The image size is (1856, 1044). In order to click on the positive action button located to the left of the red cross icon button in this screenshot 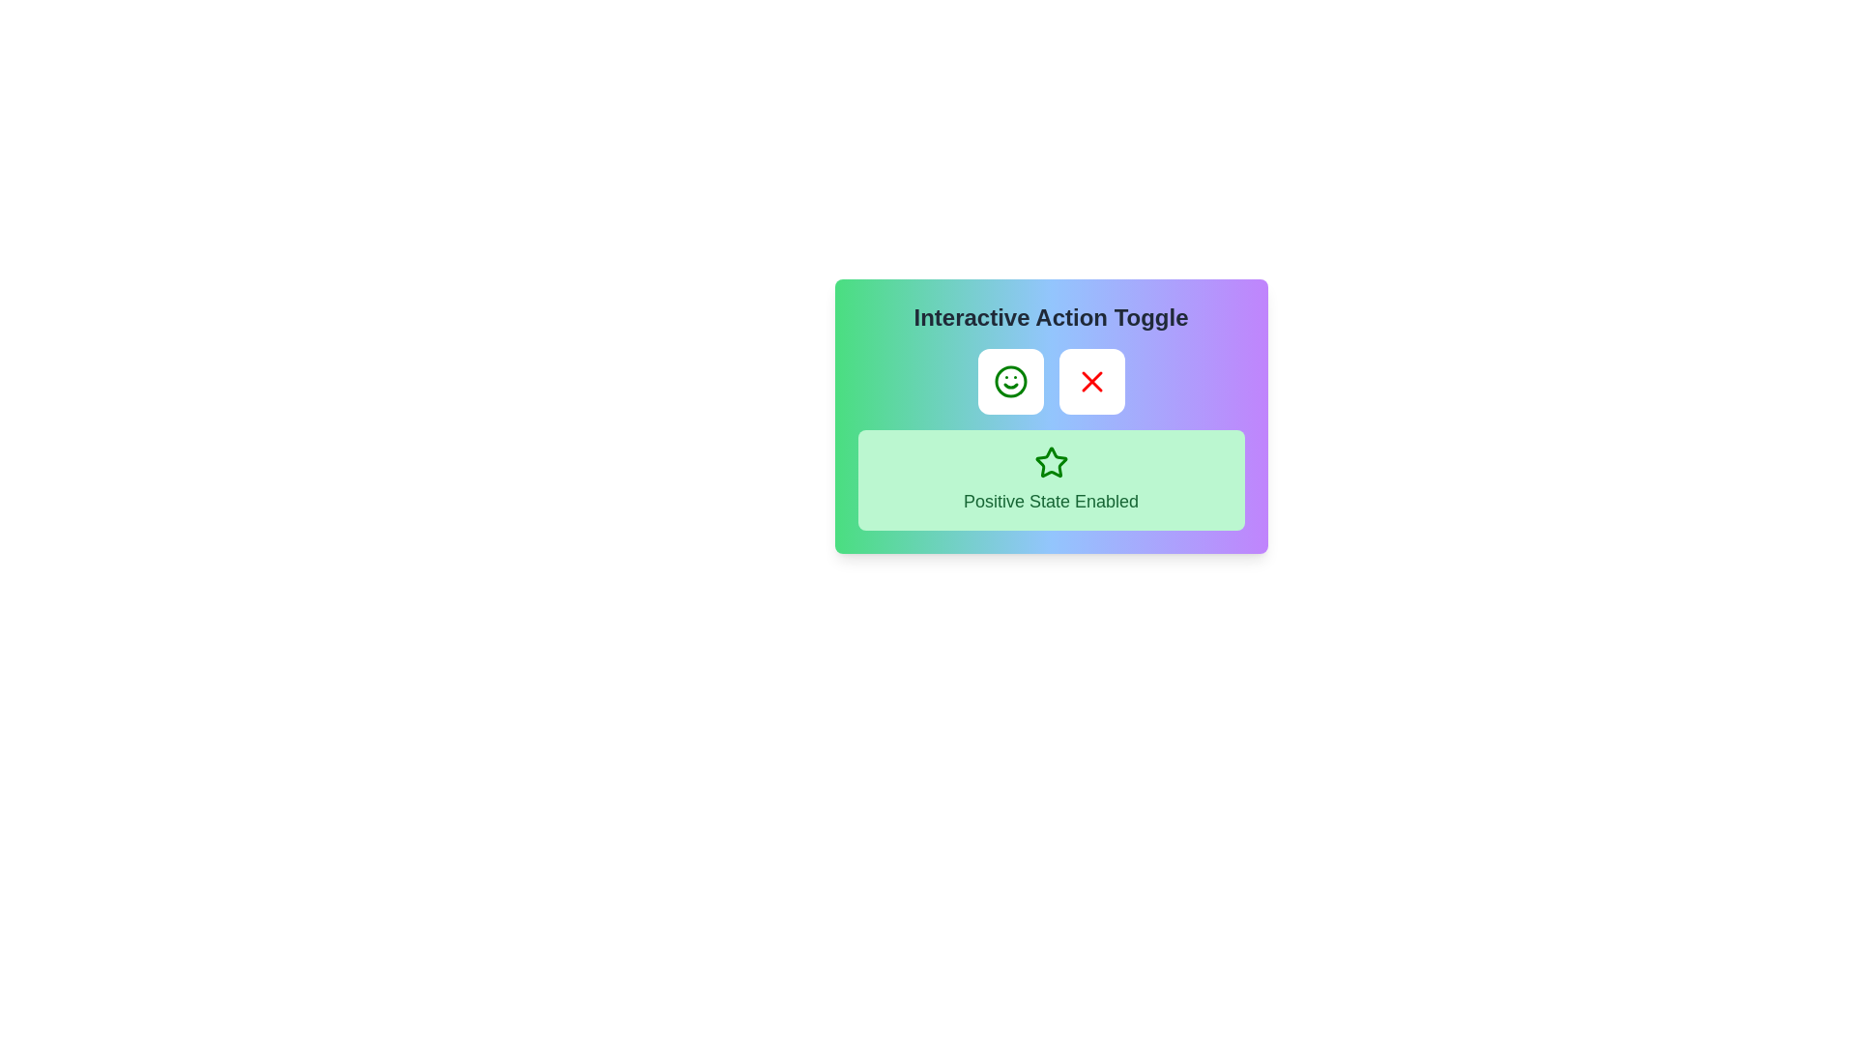, I will do `click(1009, 381)`.